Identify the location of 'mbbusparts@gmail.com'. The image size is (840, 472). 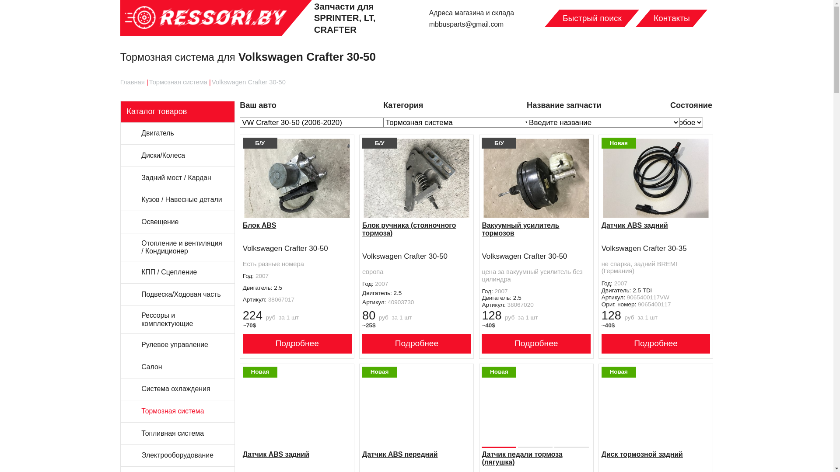
(466, 24).